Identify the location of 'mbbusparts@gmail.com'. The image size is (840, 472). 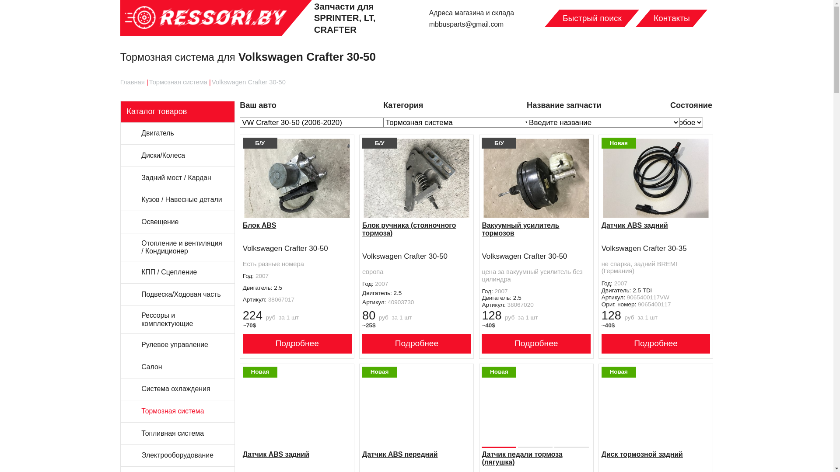
(466, 24).